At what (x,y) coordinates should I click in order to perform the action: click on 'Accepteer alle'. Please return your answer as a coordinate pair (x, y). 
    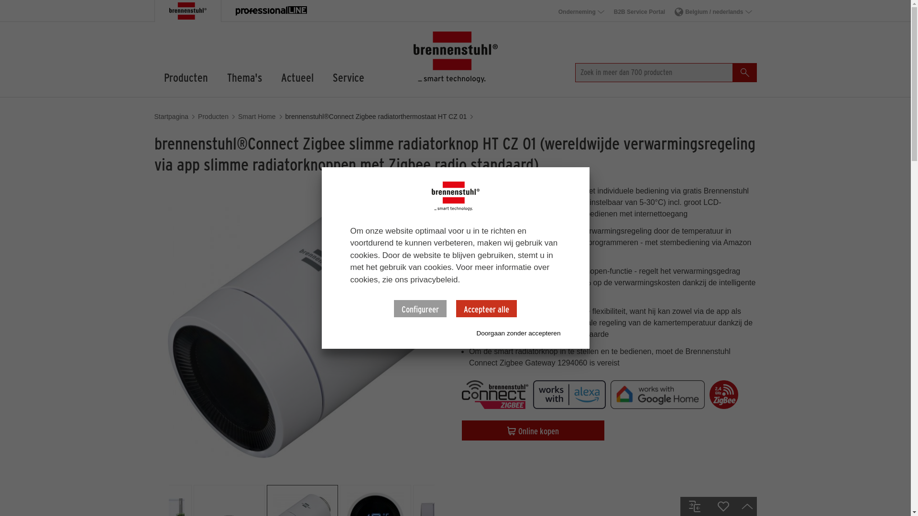
    Looking at the image, I should click on (486, 308).